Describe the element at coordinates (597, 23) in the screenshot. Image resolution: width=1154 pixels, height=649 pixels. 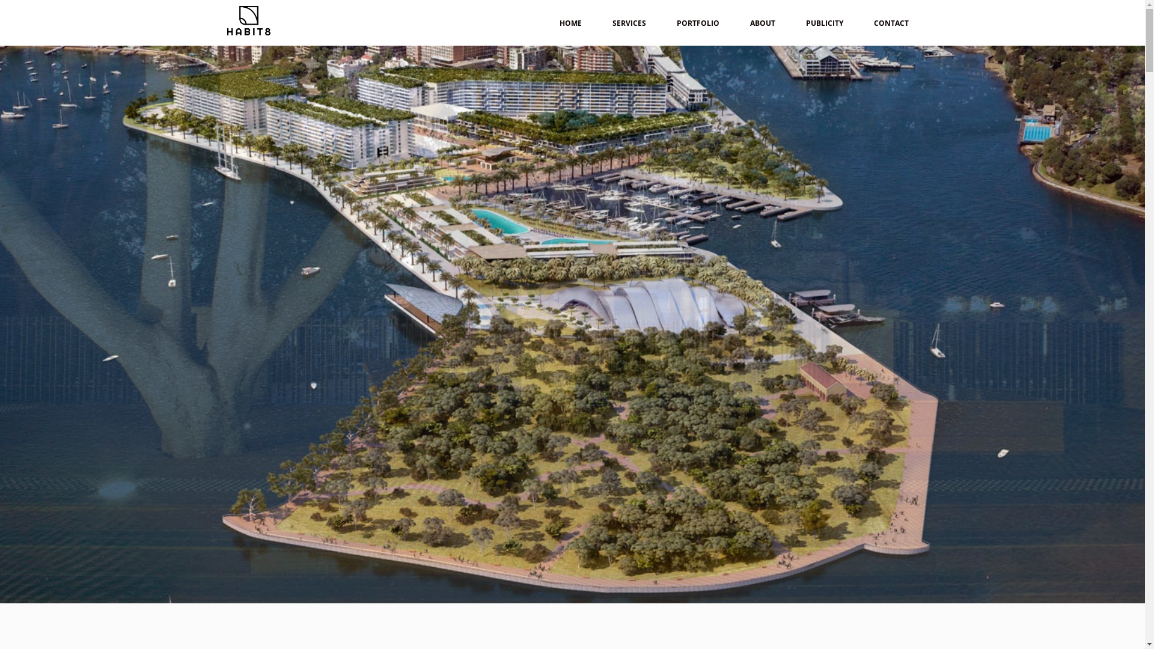
I see `'SERVICES'` at that location.